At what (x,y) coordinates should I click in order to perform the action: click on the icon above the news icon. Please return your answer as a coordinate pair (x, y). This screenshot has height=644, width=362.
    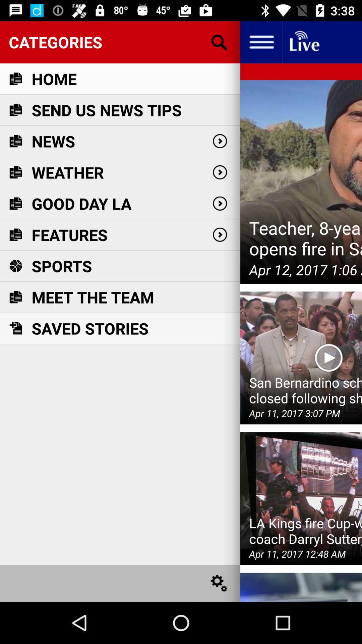
    Looking at the image, I should click on (106, 110).